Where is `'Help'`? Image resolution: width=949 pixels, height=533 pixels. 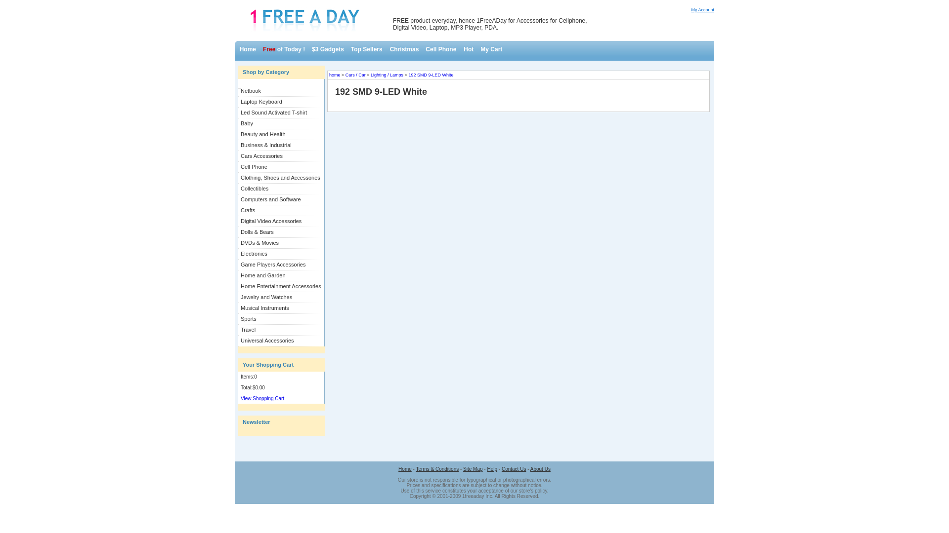 'Help' is located at coordinates (492, 468).